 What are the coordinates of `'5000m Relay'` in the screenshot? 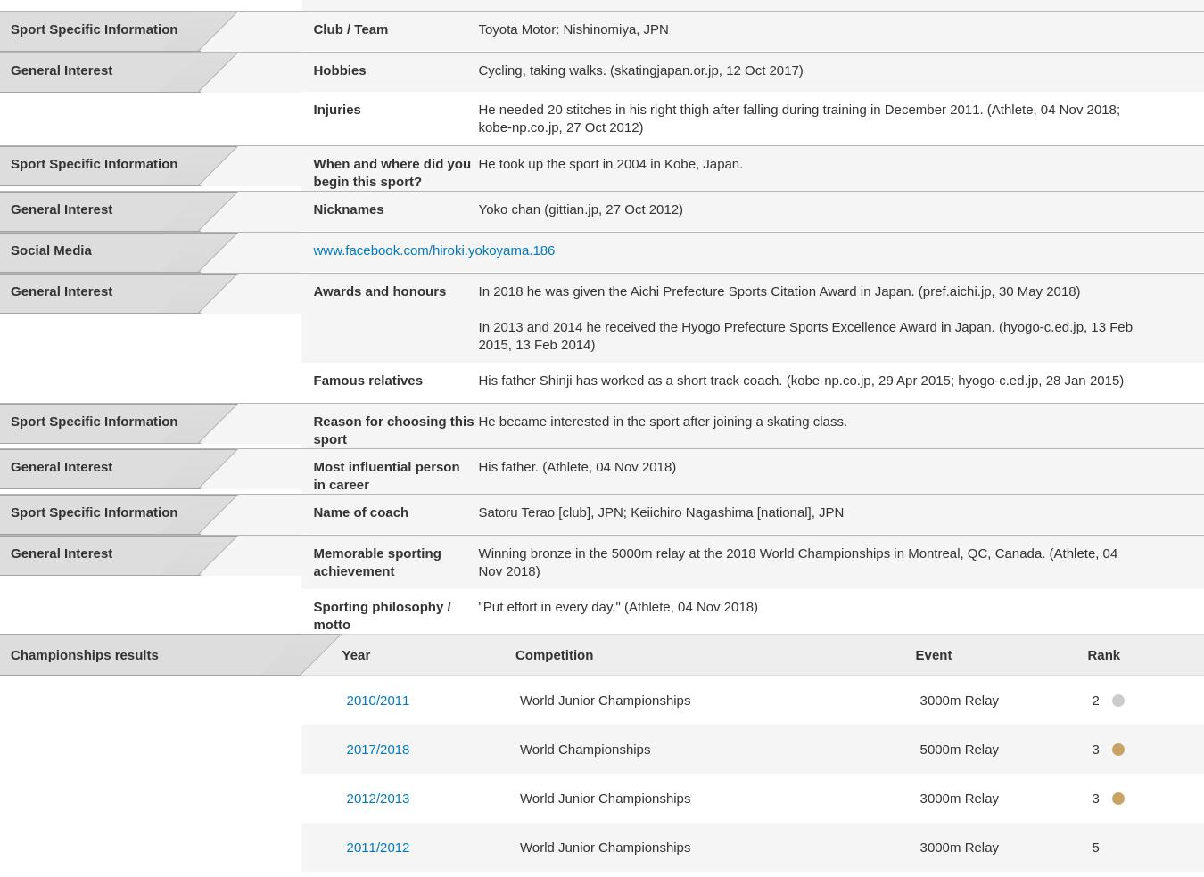 It's located at (959, 747).